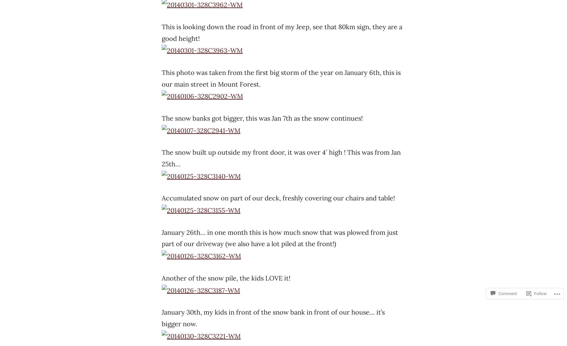  I want to click on 'January 30th, my kids in front of the snow bank in front of our house… it’s bigger now.', so click(273, 318).